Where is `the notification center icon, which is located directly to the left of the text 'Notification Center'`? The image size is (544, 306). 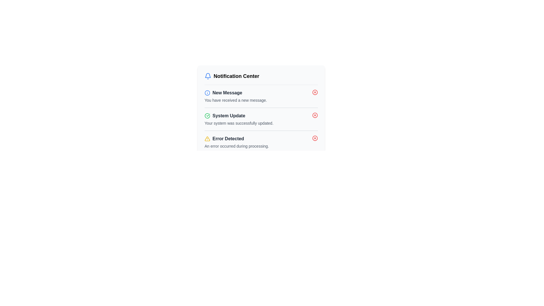
the notification center icon, which is located directly to the left of the text 'Notification Center' is located at coordinates (208, 76).